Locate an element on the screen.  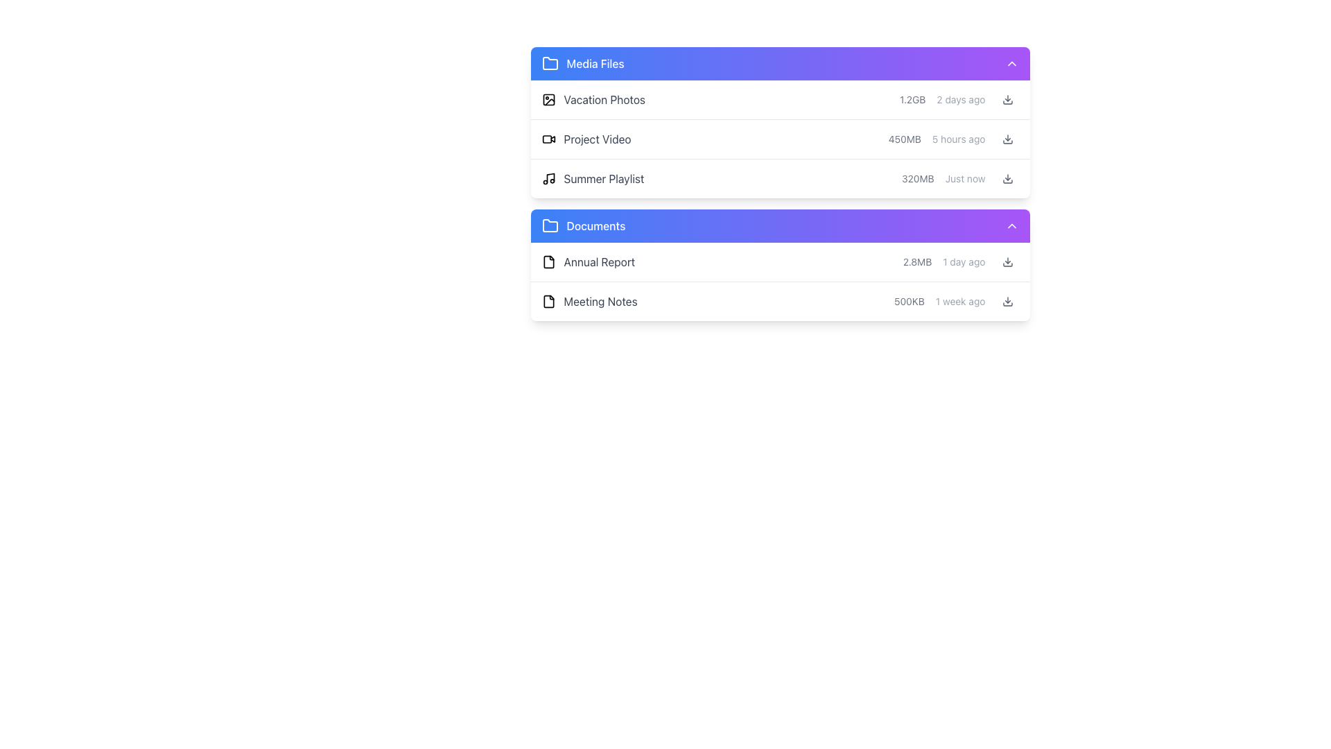
the document icon located to the immediate left of the 'Meeting Notes' text label under the 'Documents' heading is located at coordinates (548, 301).